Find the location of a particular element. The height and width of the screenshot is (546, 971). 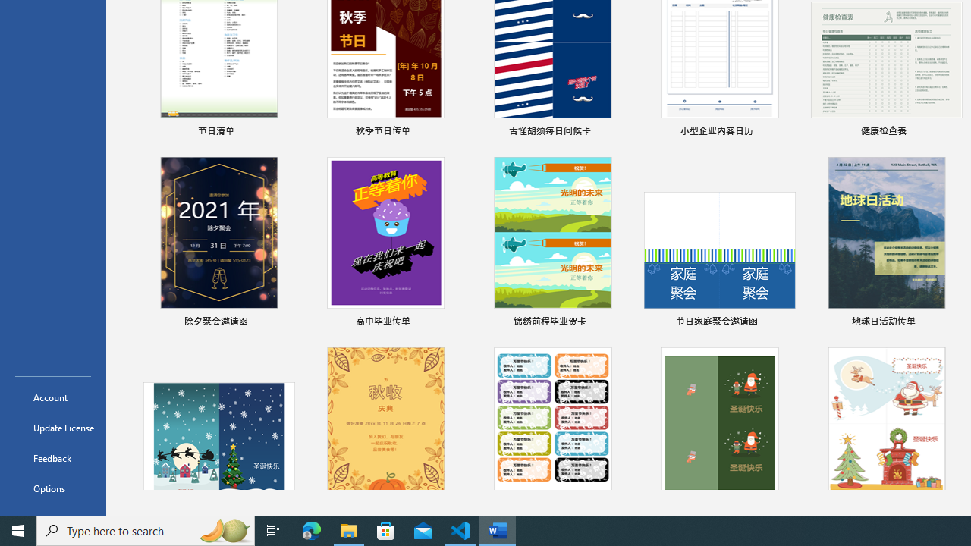

'Options' is located at coordinates (52, 488).